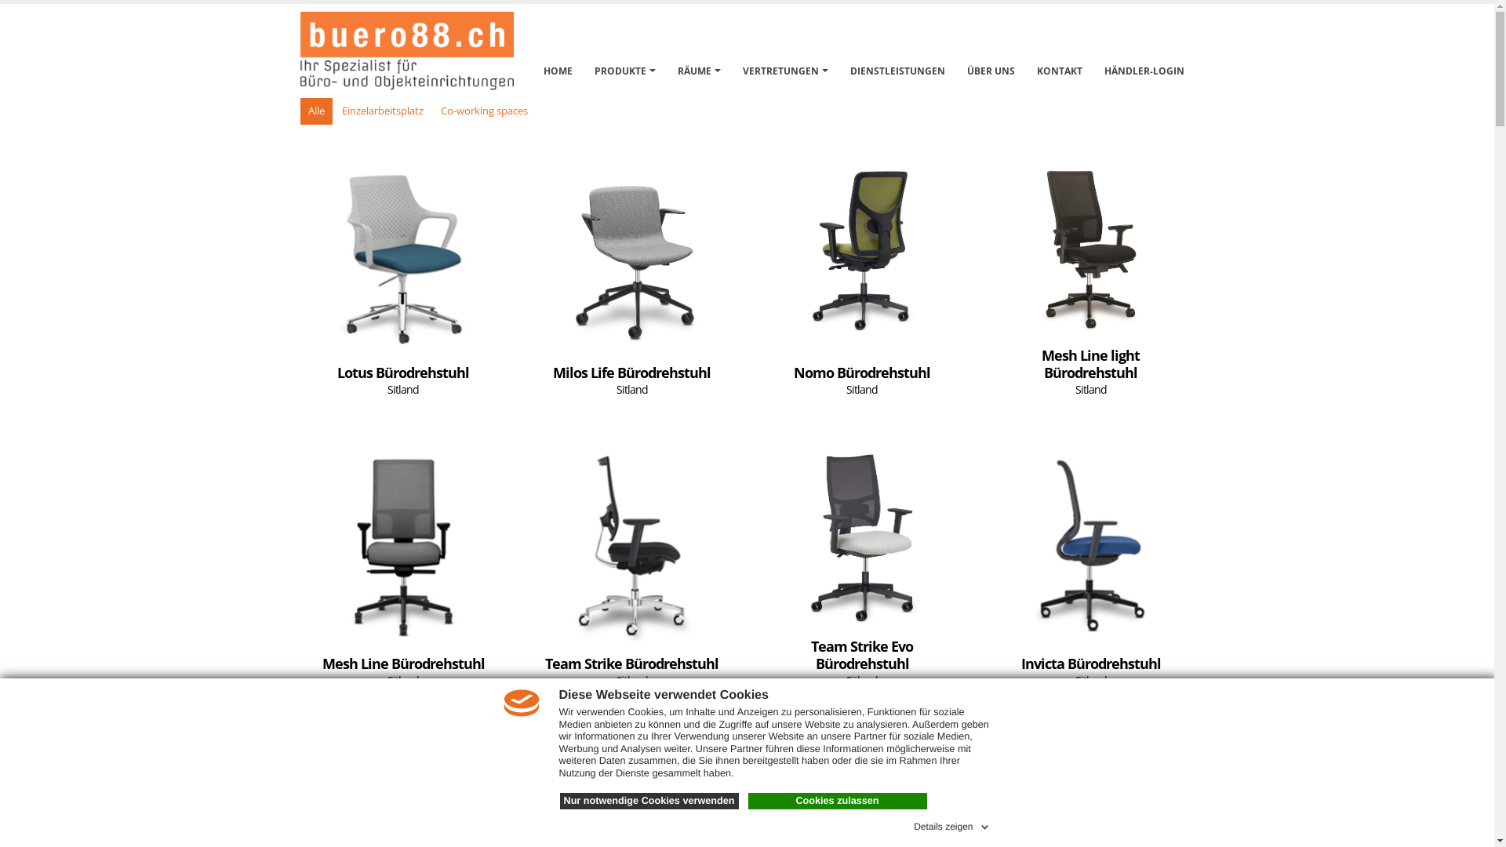 This screenshot has width=1506, height=847. What do you see at coordinates (748, 802) in the screenshot?
I see `'Cookies zulassen'` at bounding box center [748, 802].